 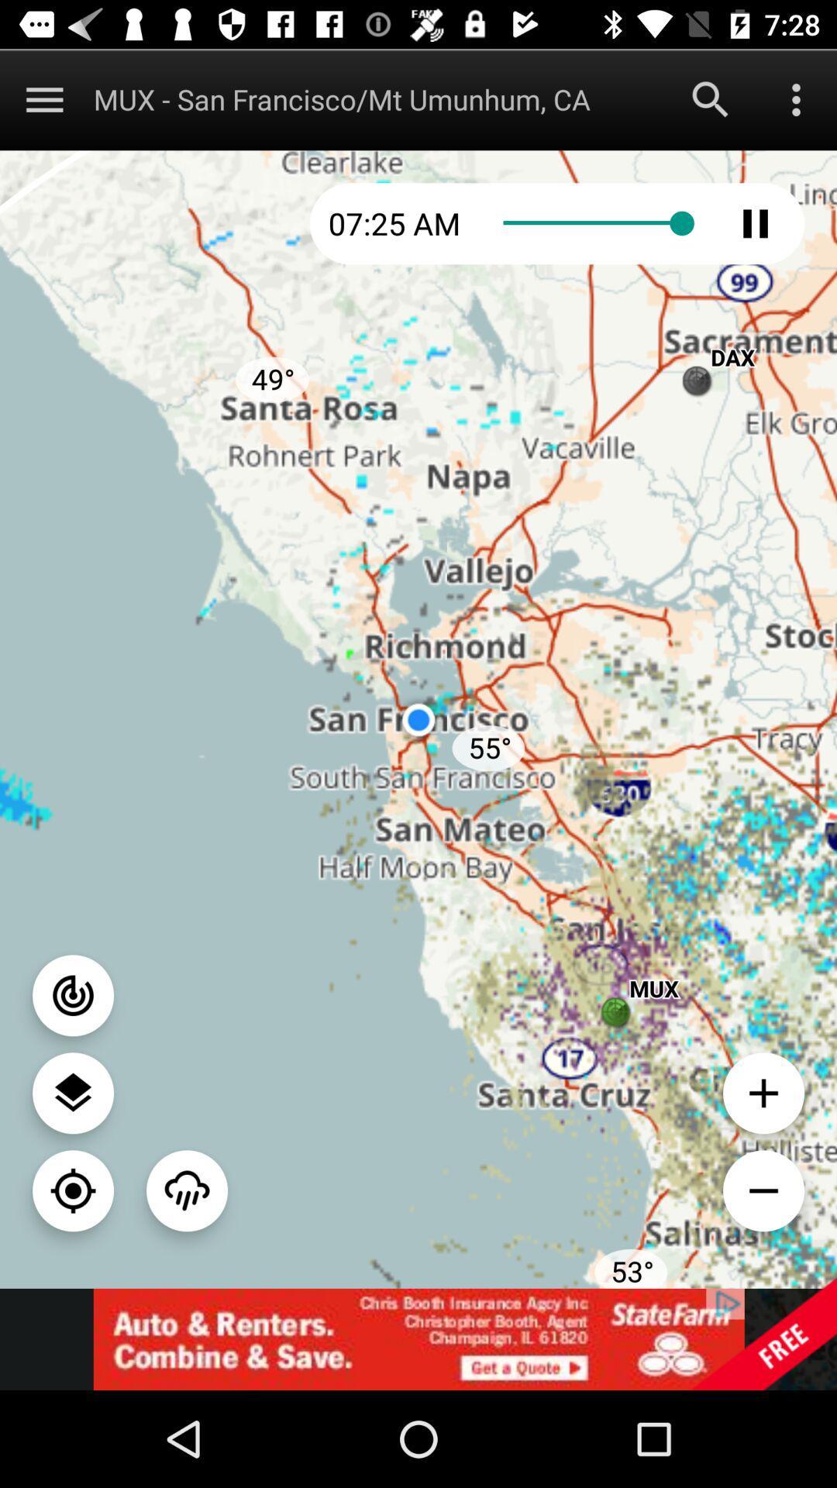 What do you see at coordinates (796, 98) in the screenshot?
I see `opens a list of options` at bounding box center [796, 98].